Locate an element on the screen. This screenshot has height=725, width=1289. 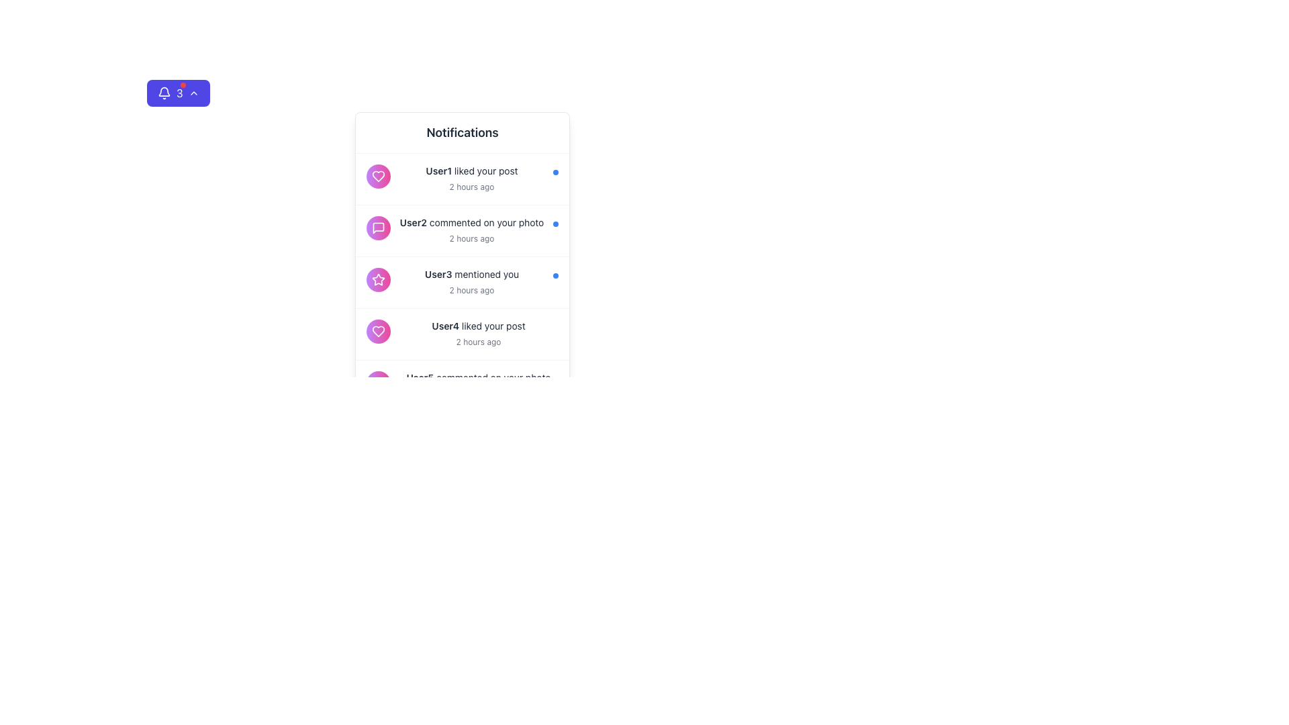
the fourth notification item in the notification panel that indicates 'User4' liked your post is located at coordinates (463, 333).